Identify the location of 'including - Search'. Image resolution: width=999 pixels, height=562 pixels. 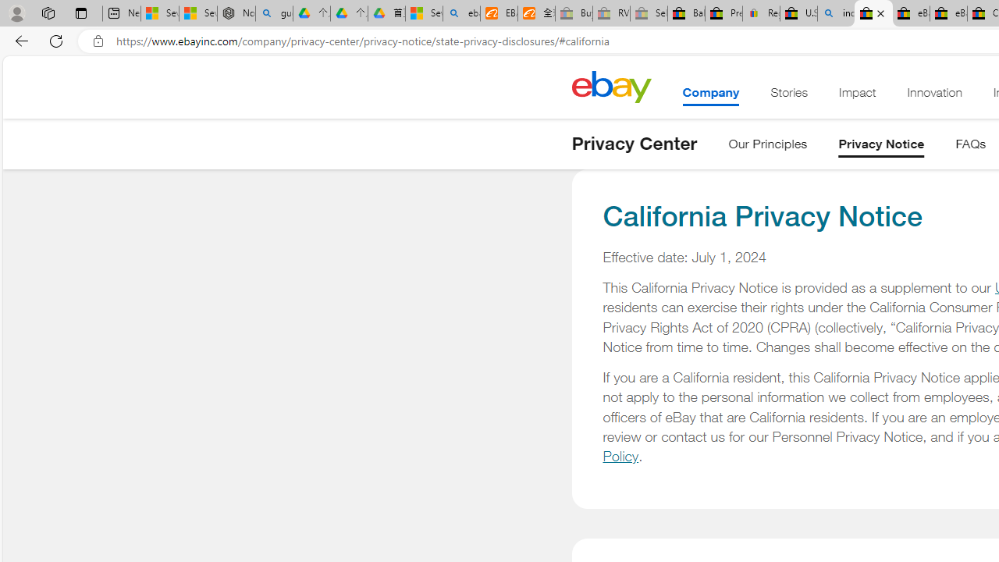
(835, 13).